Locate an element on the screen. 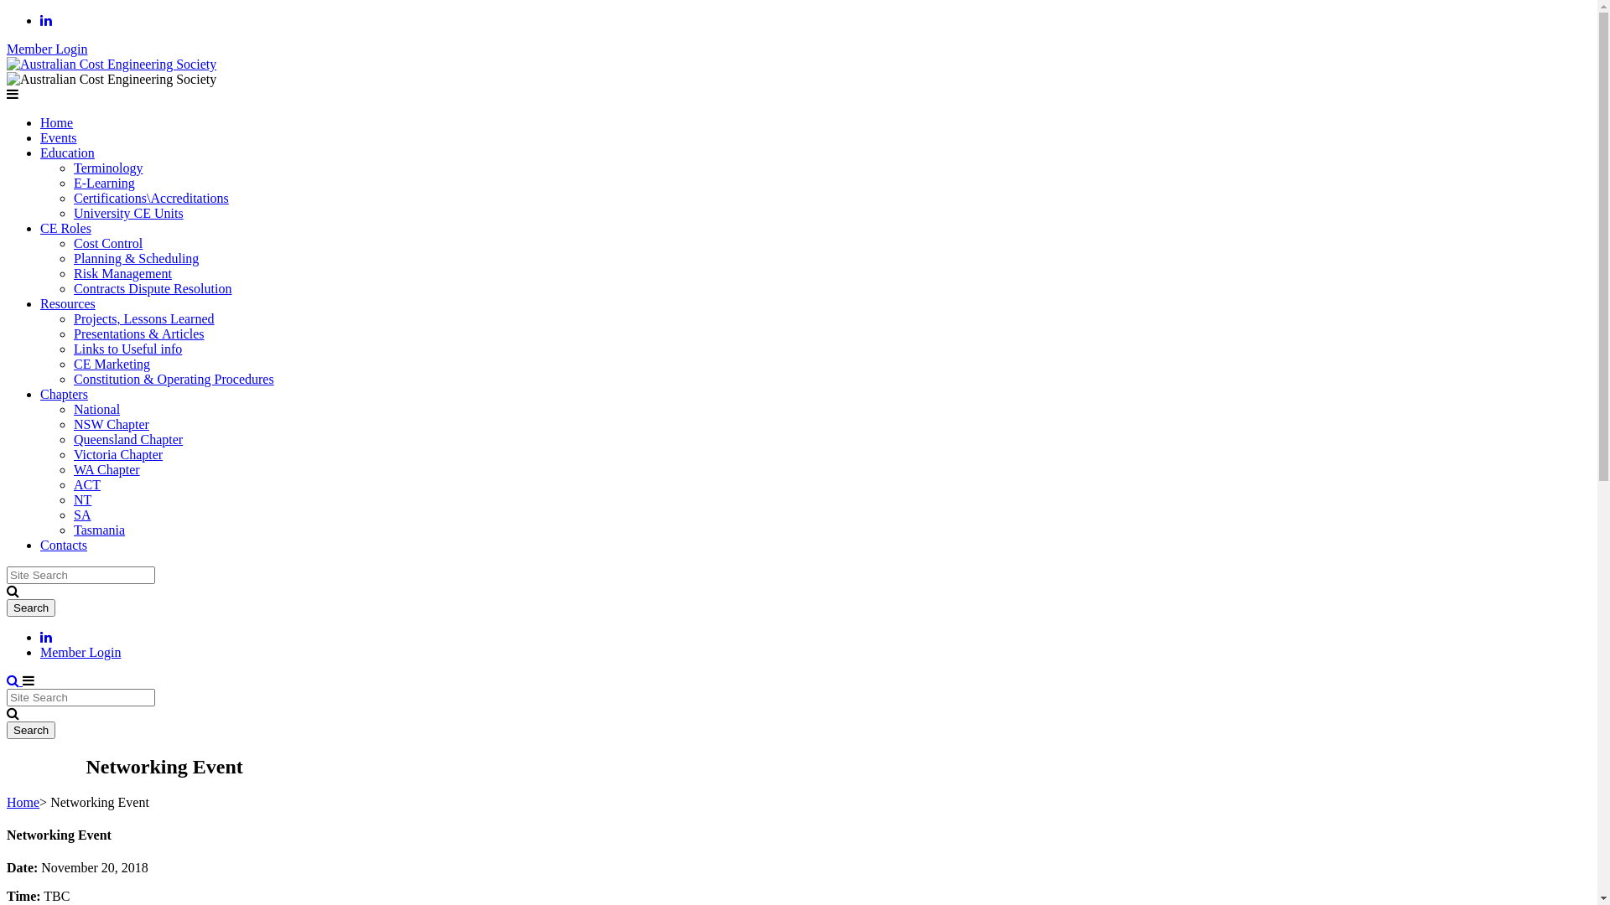  'National' is located at coordinates (96, 409).